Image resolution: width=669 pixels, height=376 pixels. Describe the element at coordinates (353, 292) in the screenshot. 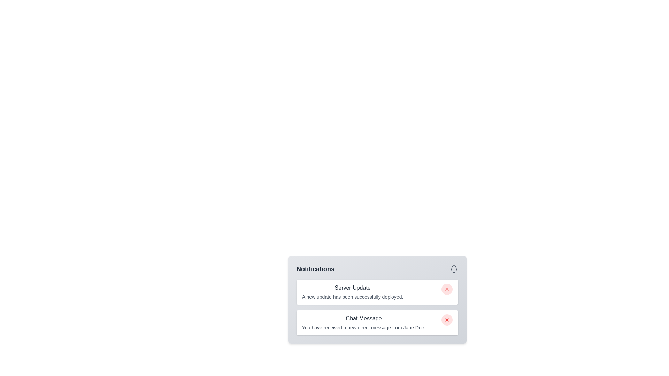

I see `text displayed in the notification panel titled 'Server Update', which contains a description about a new update being deployed` at that location.